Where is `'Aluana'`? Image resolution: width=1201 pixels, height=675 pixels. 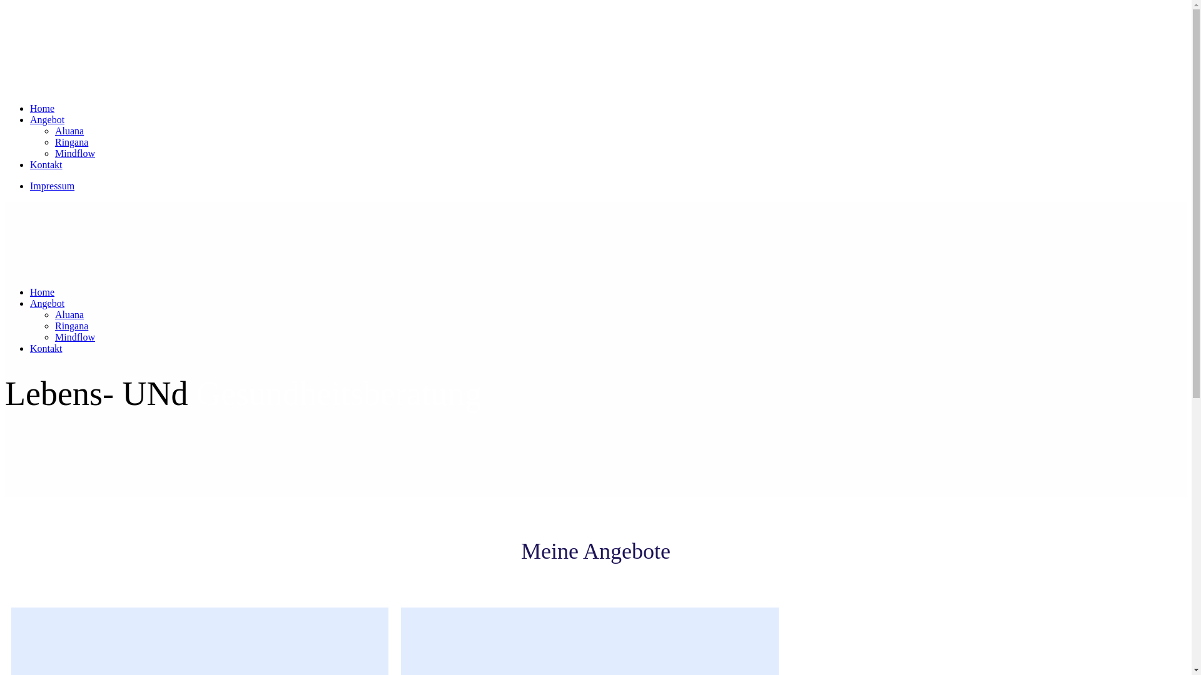 'Aluana' is located at coordinates (68, 314).